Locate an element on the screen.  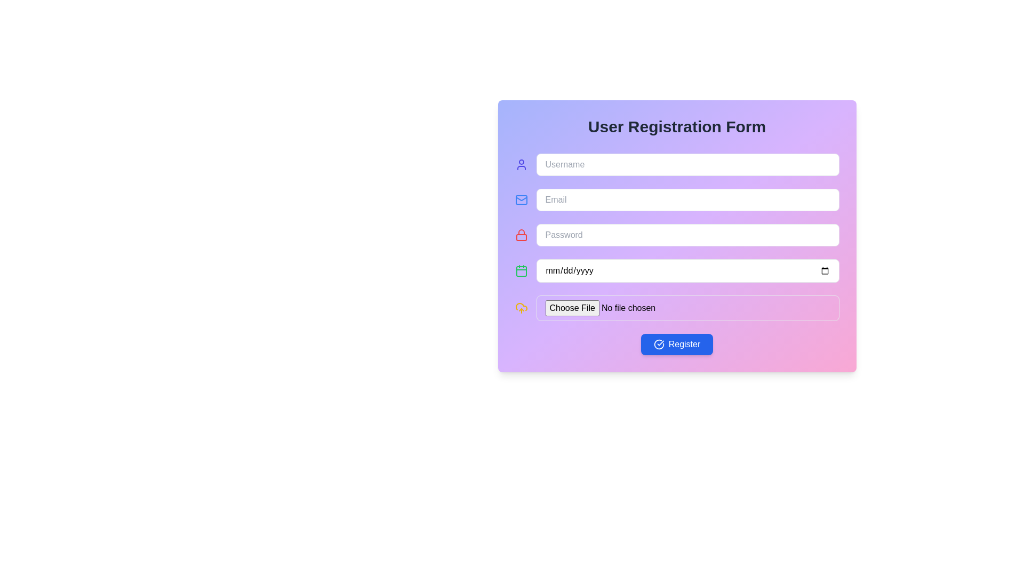
the calendar icon with a green outline, which is located to the left of the date input field is located at coordinates (521, 270).